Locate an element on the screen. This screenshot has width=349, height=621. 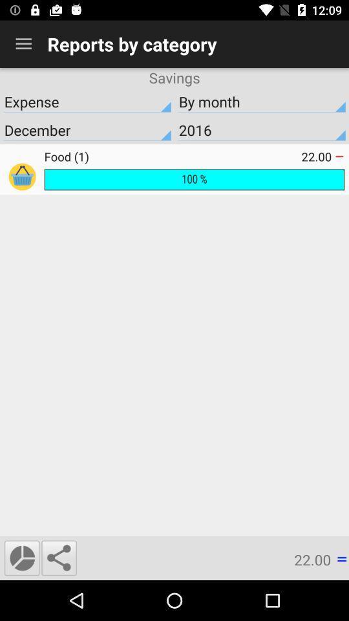
share the report is located at coordinates (58, 557).